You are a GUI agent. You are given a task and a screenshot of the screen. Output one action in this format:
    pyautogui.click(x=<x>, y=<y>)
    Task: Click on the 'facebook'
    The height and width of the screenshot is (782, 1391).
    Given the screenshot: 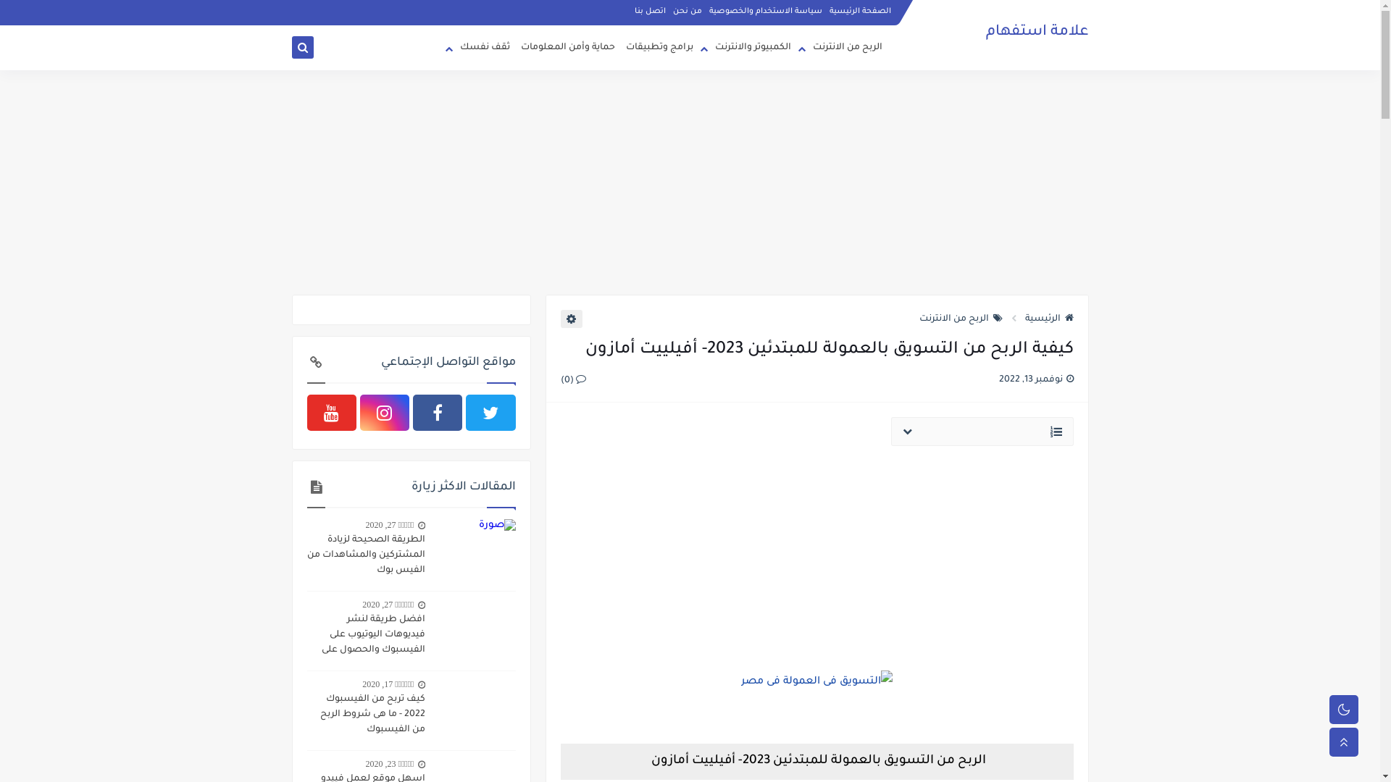 What is the action you would take?
    pyautogui.click(x=437, y=413)
    